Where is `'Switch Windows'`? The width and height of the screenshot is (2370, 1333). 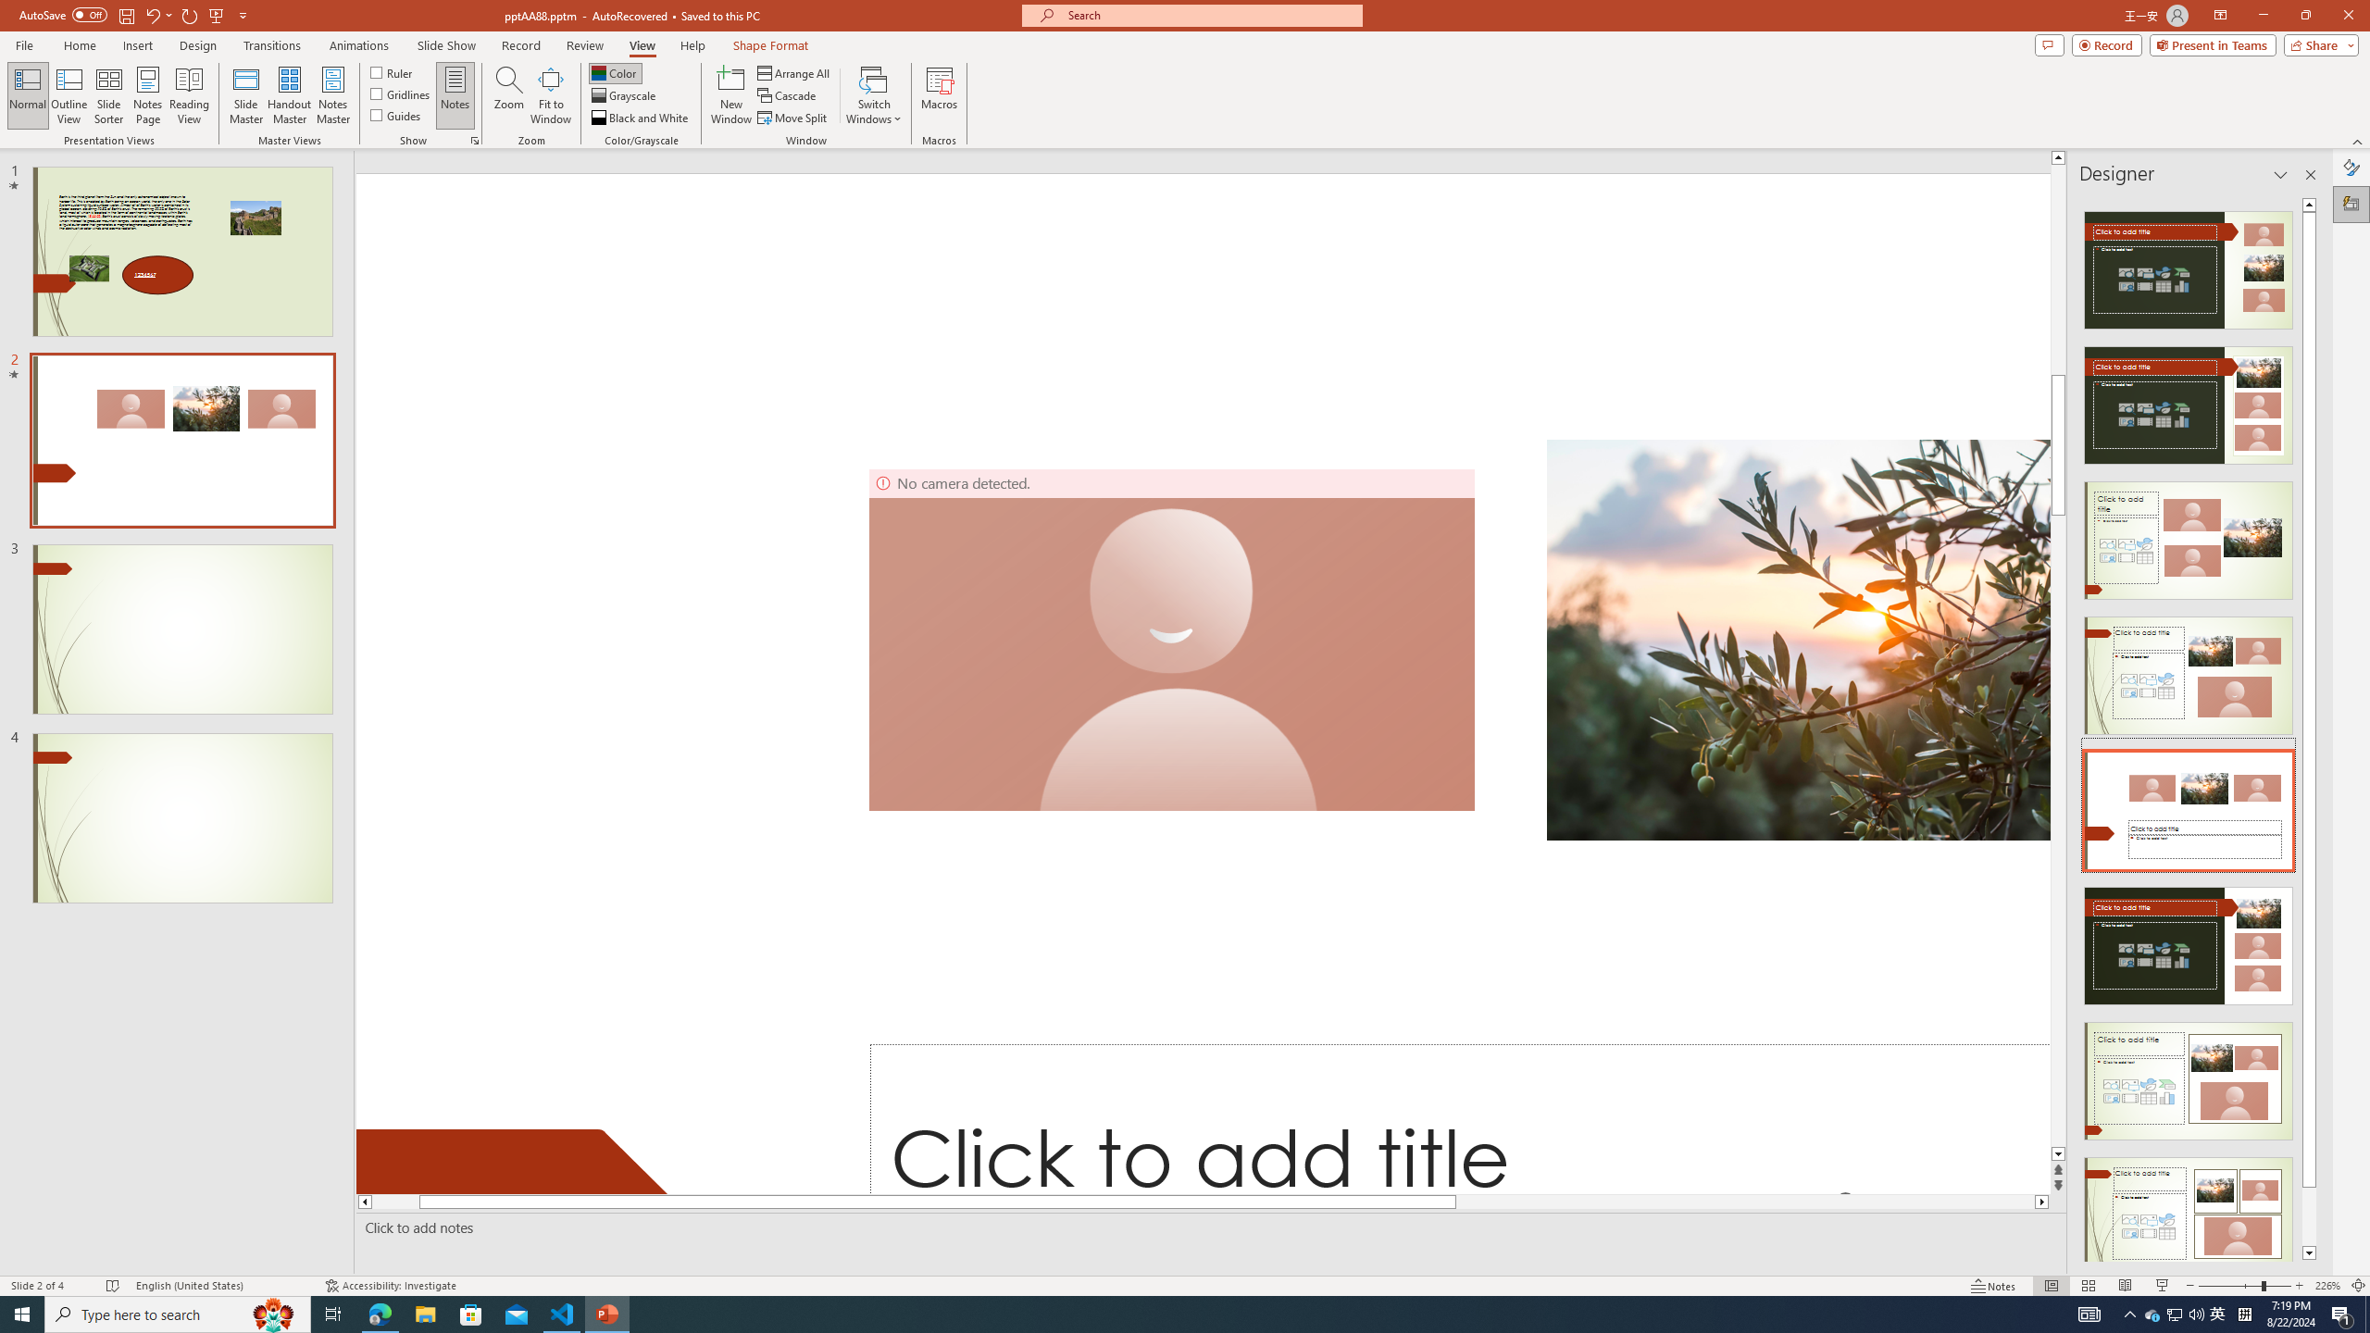 'Switch Windows' is located at coordinates (873, 95).